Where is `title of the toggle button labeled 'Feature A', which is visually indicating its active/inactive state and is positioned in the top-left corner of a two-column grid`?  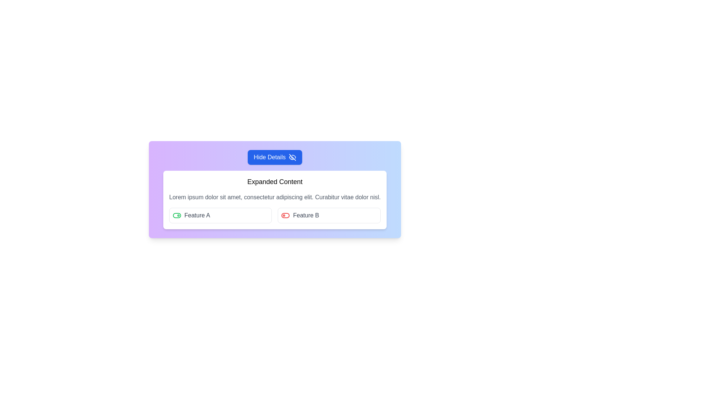
title of the toggle button labeled 'Feature A', which is visually indicating its active/inactive state and is positioned in the top-left corner of a two-column grid is located at coordinates (220, 216).